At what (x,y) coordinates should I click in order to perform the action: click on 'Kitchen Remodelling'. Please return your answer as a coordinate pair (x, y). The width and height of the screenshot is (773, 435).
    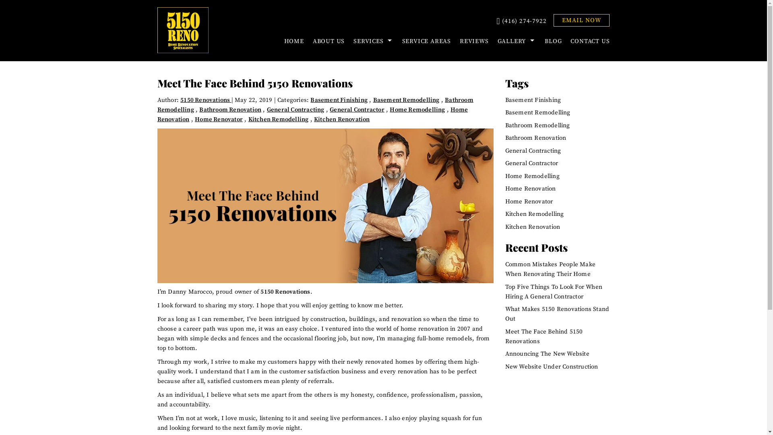
    Looking at the image, I should click on (278, 119).